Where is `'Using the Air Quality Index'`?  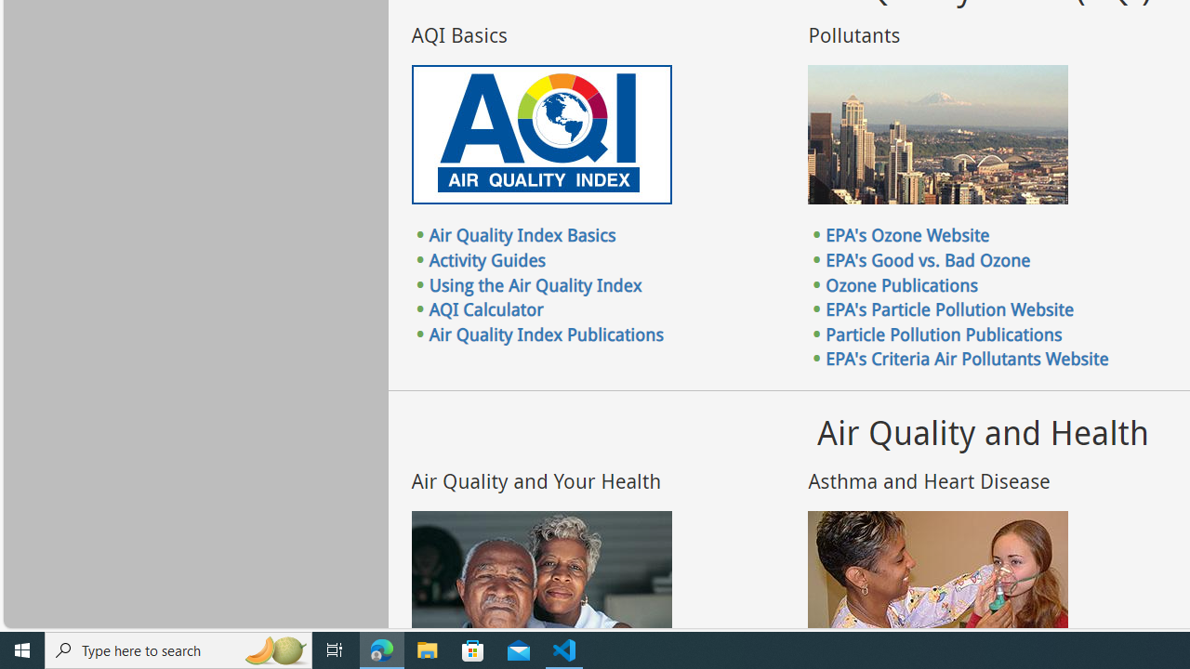
'Using the Air Quality Index' is located at coordinates (535, 284).